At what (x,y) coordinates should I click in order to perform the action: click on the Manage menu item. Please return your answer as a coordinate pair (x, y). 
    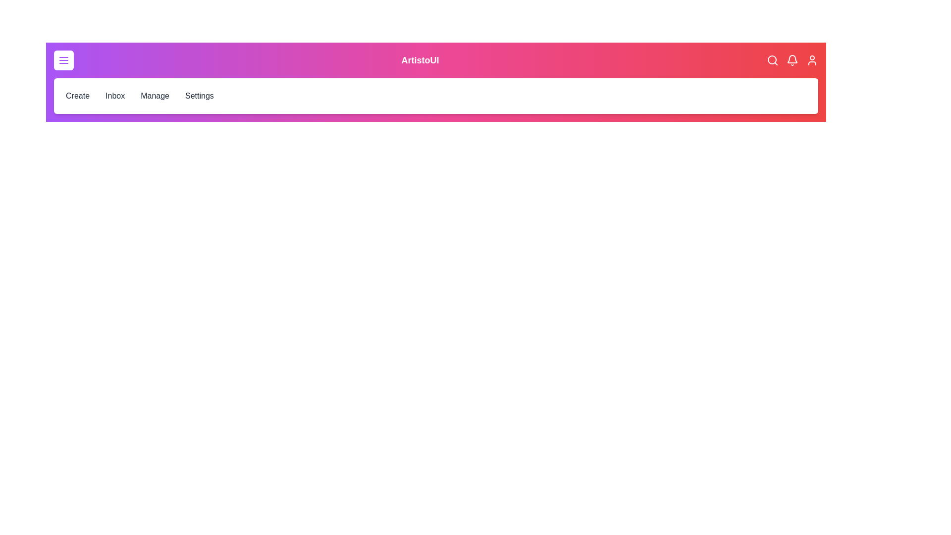
    Looking at the image, I should click on (154, 96).